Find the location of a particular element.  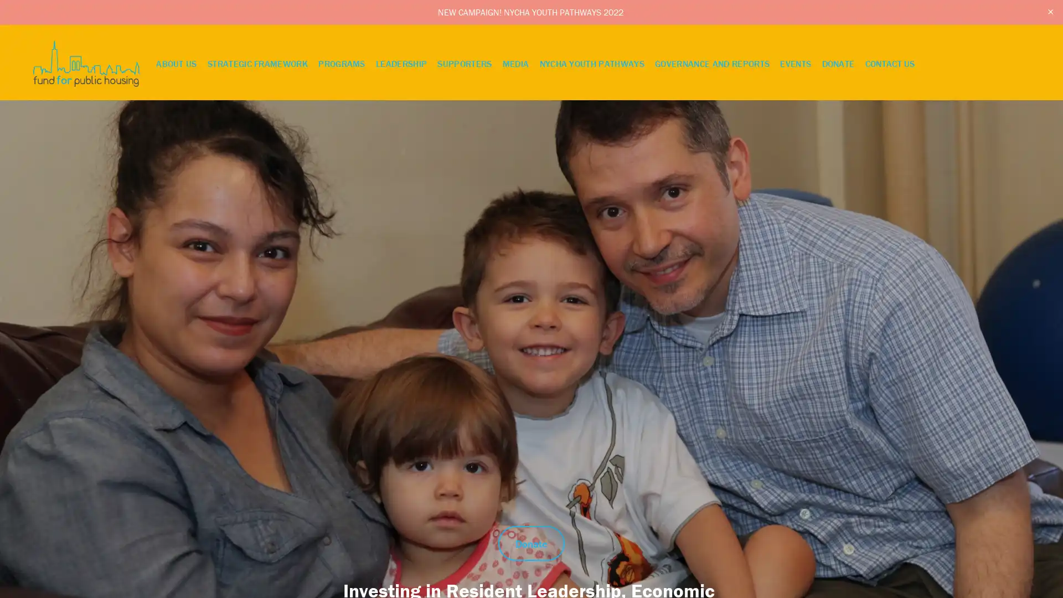

Support the Fund is located at coordinates (978, 538).